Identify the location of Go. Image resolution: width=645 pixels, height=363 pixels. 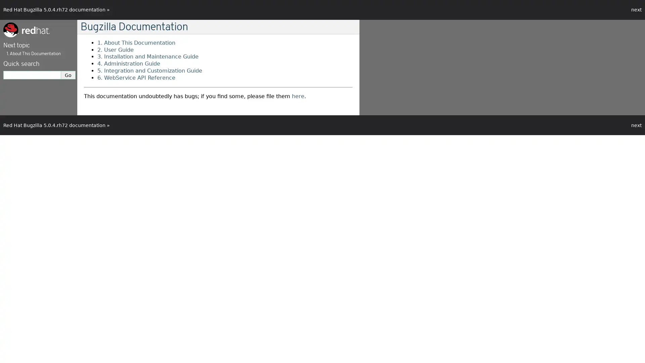
(68, 75).